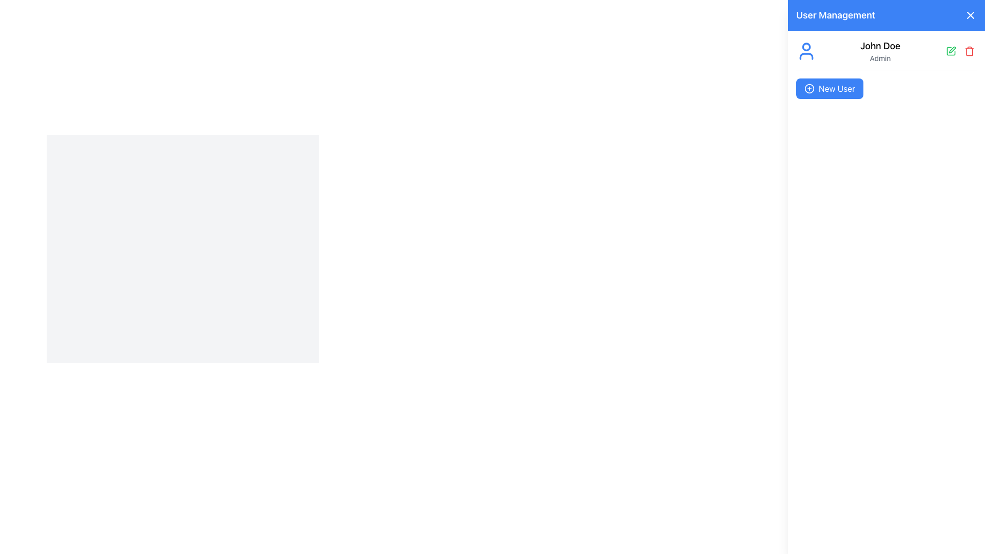  What do you see at coordinates (950, 51) in the screenshot?
I see `the square-shaped button with a pen icon, located in the User Management interface` at bounding box center [950, 51].